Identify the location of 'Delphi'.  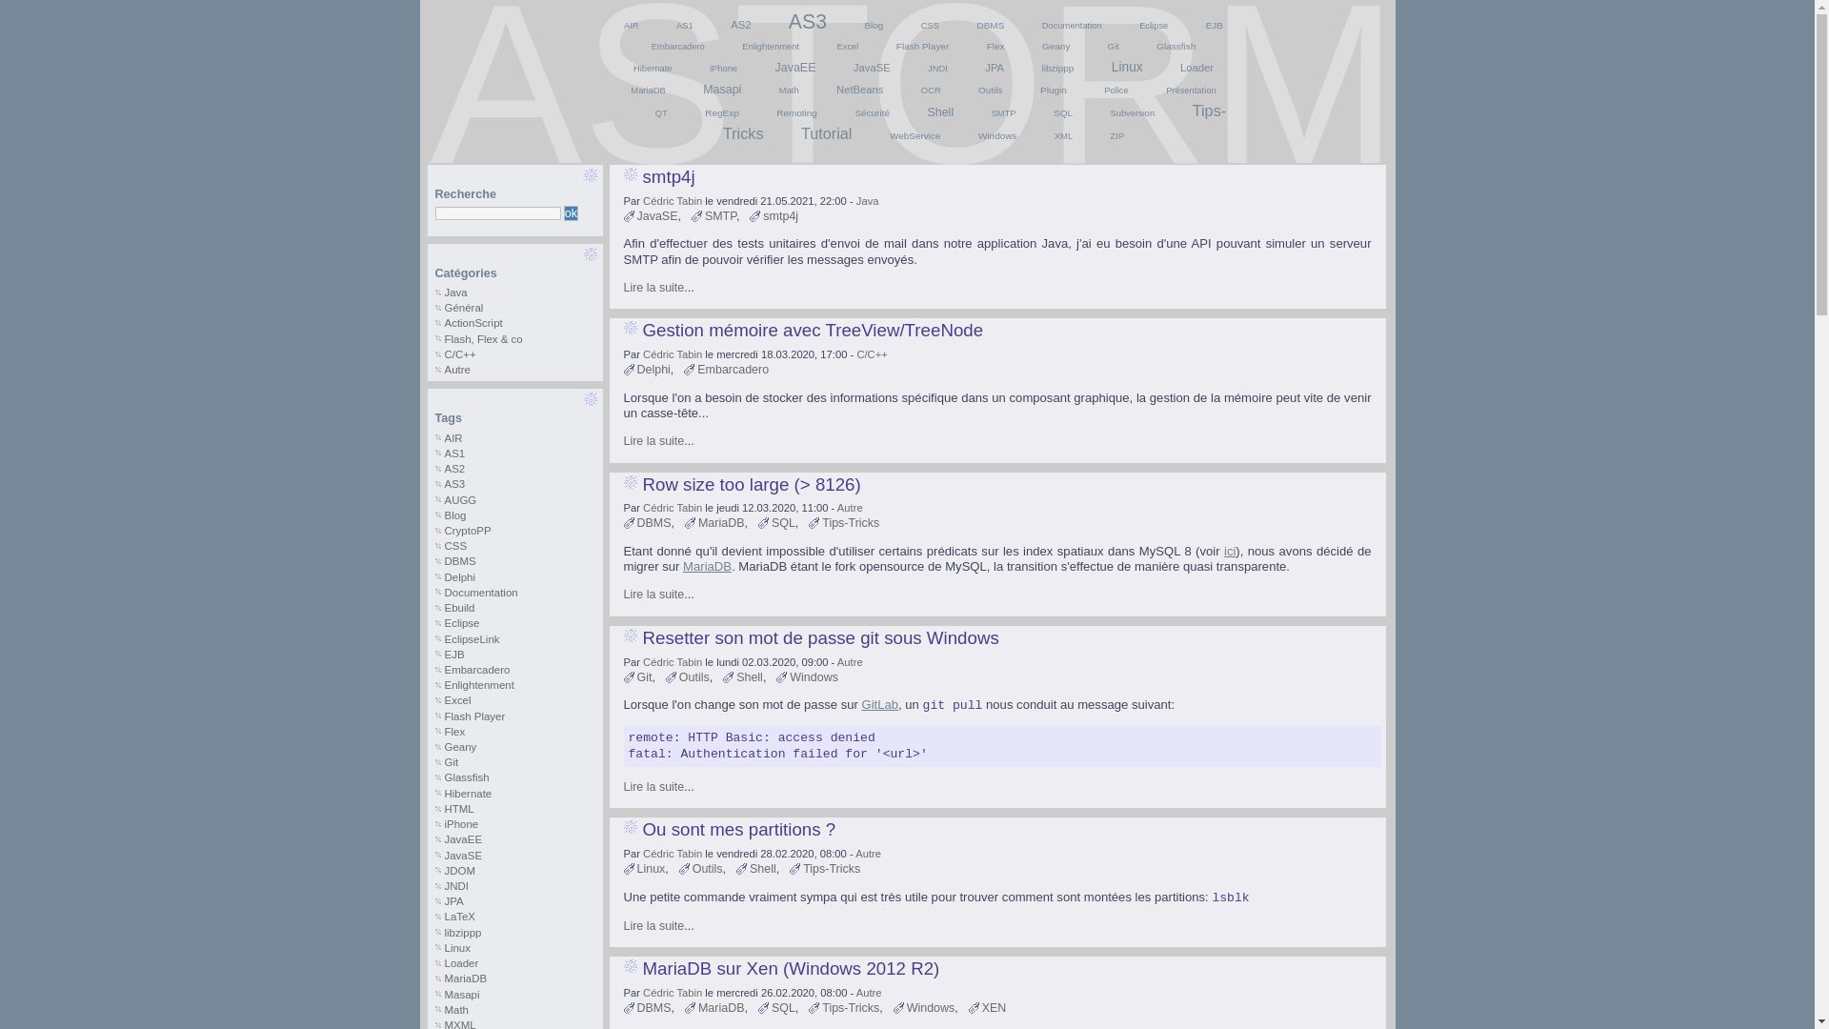
(653, 370).